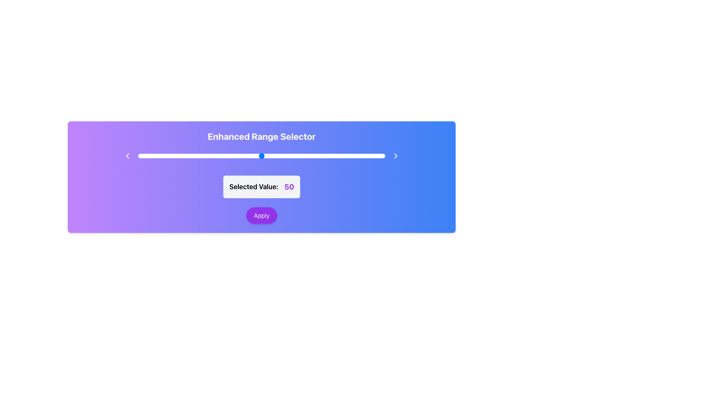 Image resolution: width=723 pixels, height=407 pixels. I want to click on the slider, so click(177, 155).